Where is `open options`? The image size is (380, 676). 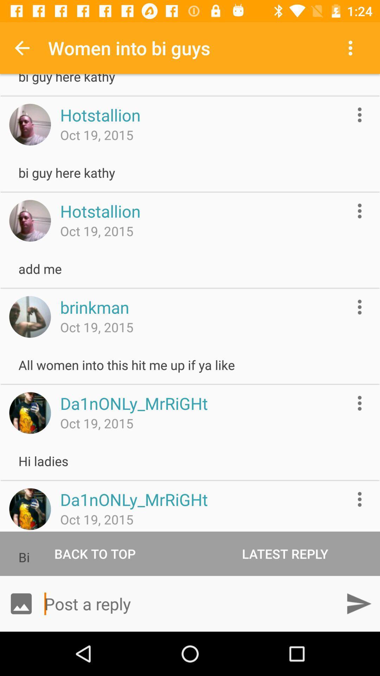 open options is located at coordinates (360, 307).